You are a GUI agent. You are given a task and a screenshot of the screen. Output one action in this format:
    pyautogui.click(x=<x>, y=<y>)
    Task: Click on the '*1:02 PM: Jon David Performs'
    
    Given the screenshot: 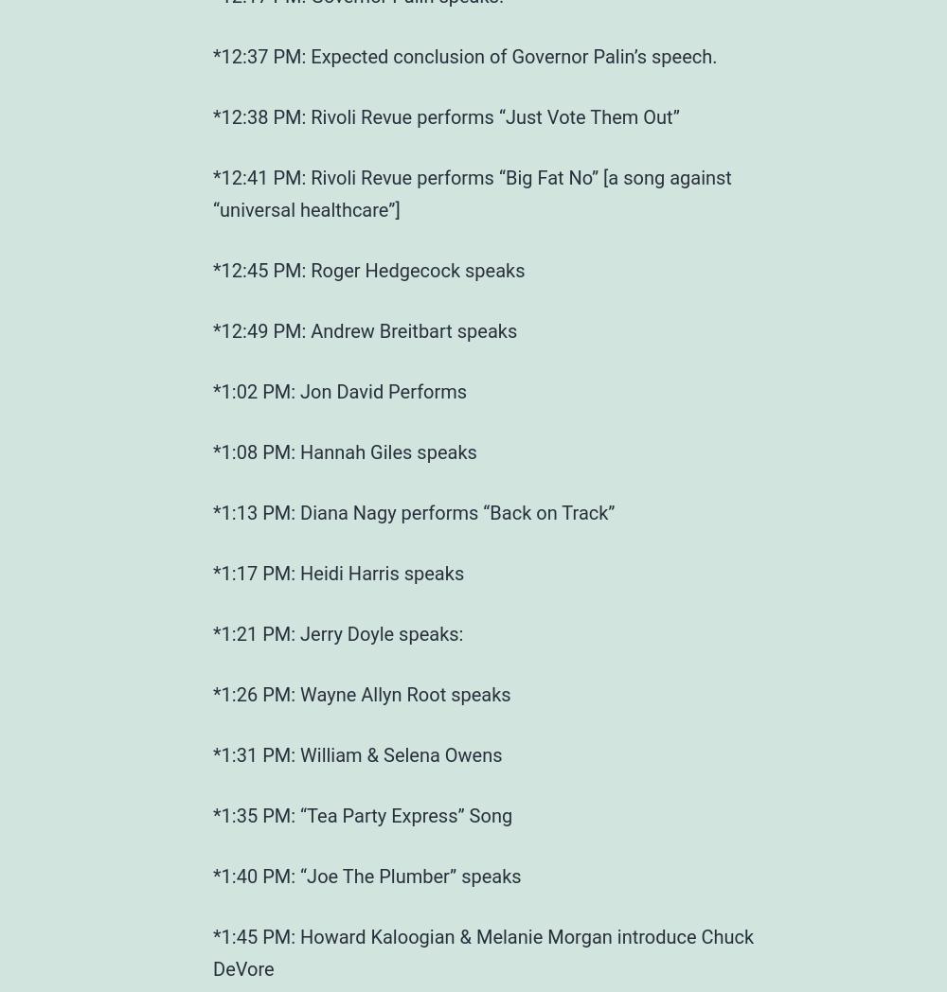 What is the action you would take?
    pyautogui.click(x=339, y=391)
    